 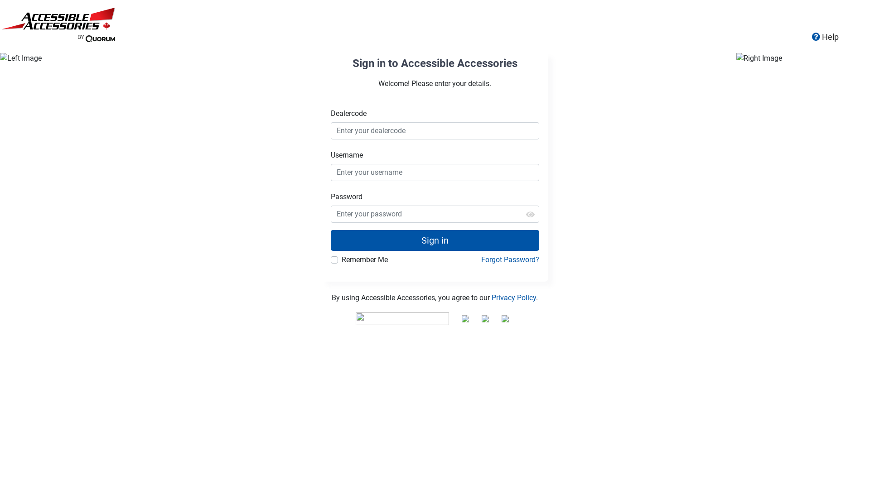 What do you see at coordinates (513, 297) in the screenshot?
I see `'Privacy Policy'` at bounding box center [513, 297].